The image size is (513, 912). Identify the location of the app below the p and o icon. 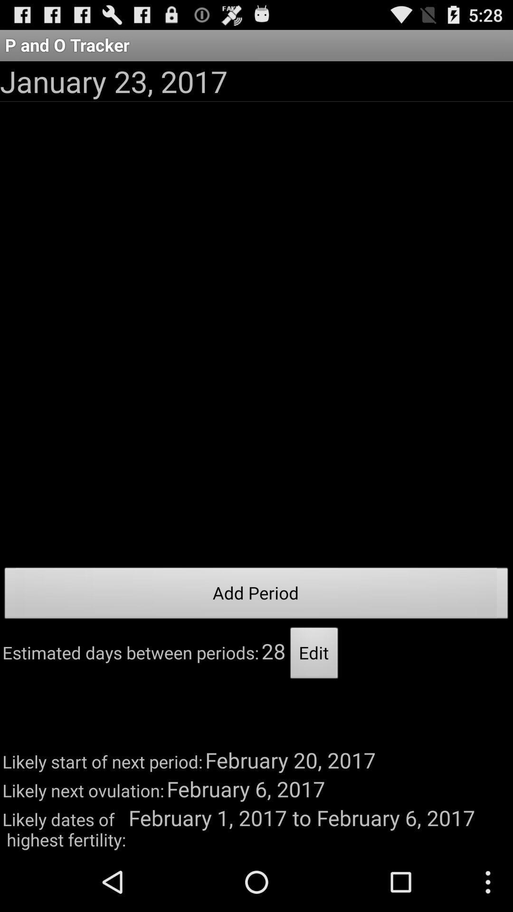
(113, 81).